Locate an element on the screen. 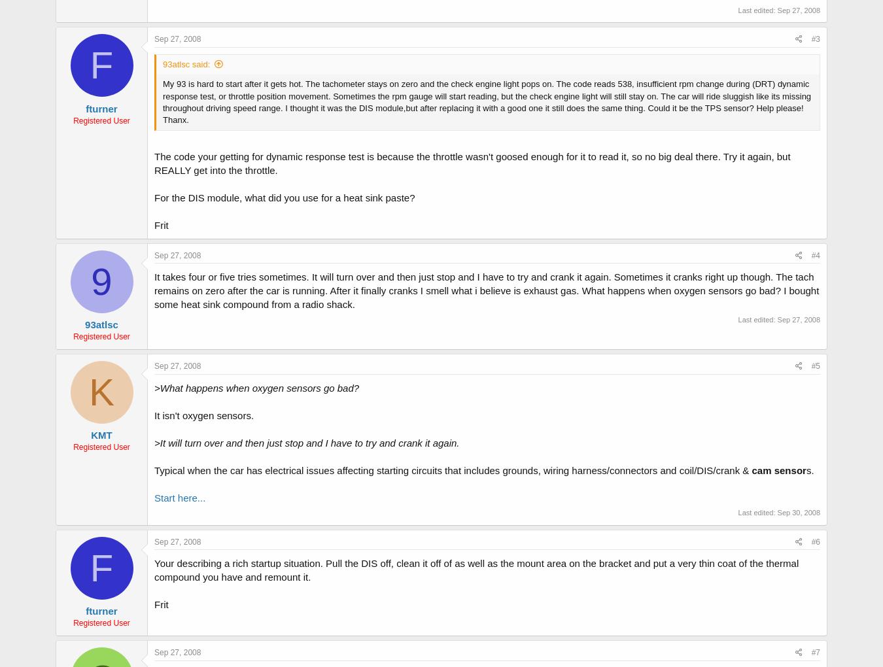 The width and height of the screenshot is (883, 667). 'Sep 30, 2008' is located at coordinates (797, 511).